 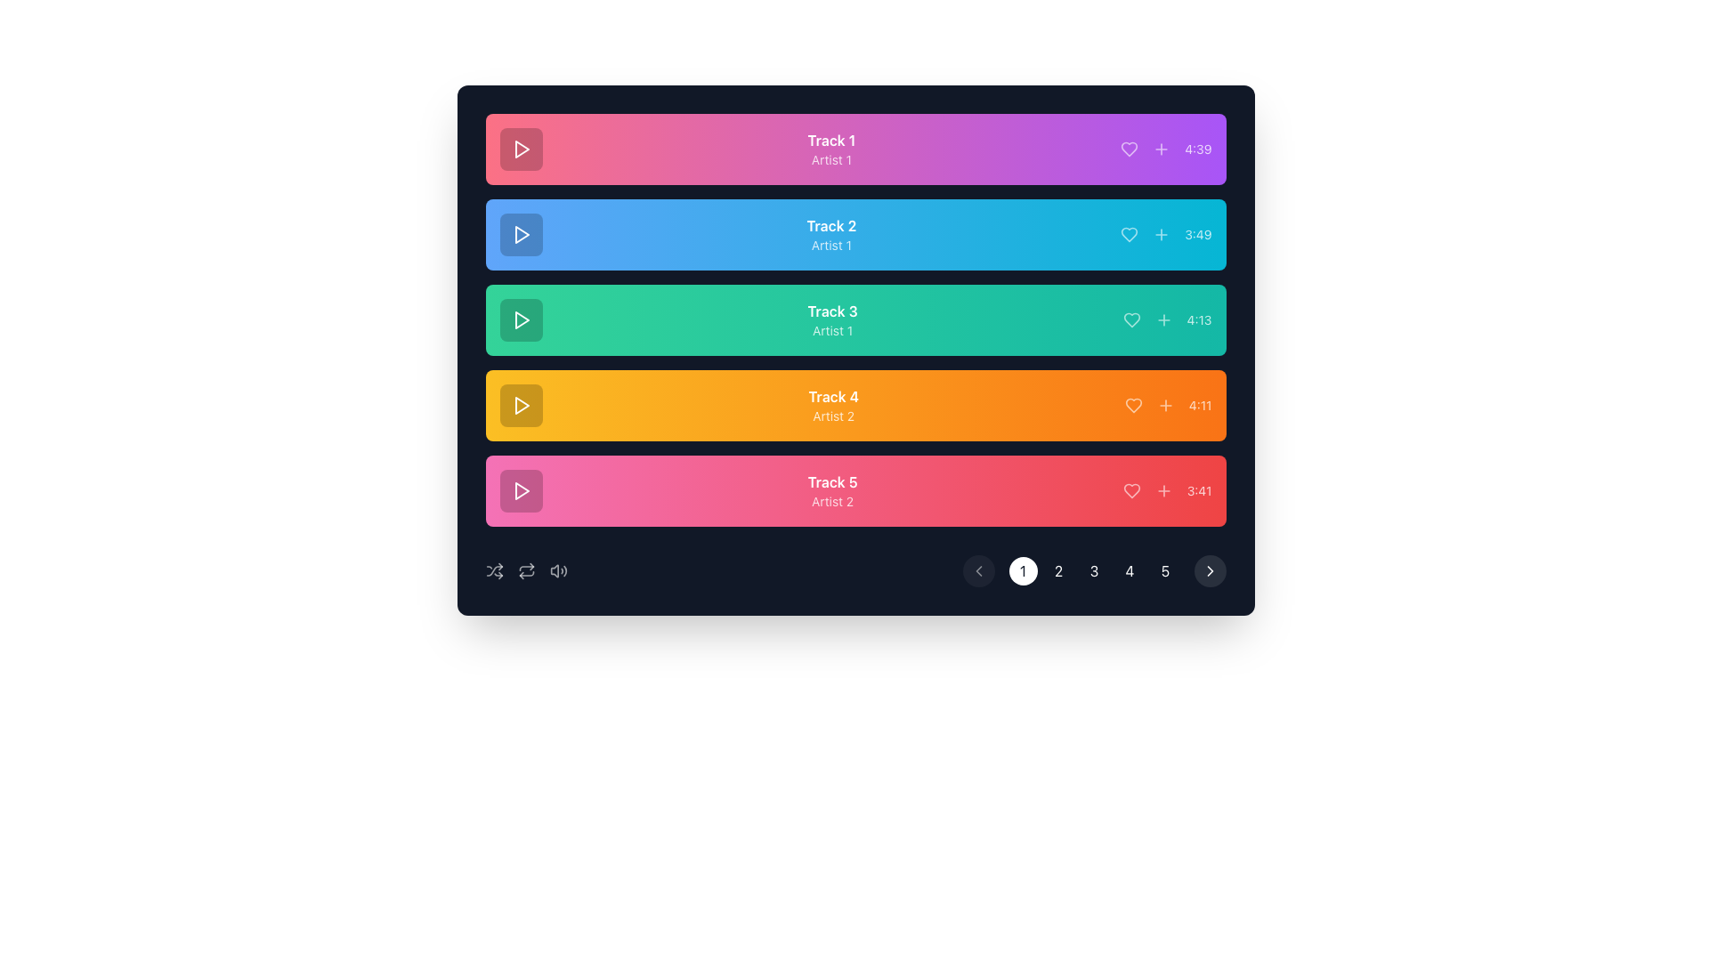 I want to click on the circular button with a black background and a white play triangle icon, located in the top-left portion of the second track entry in the playlist interface, so click(x=520, y=233).